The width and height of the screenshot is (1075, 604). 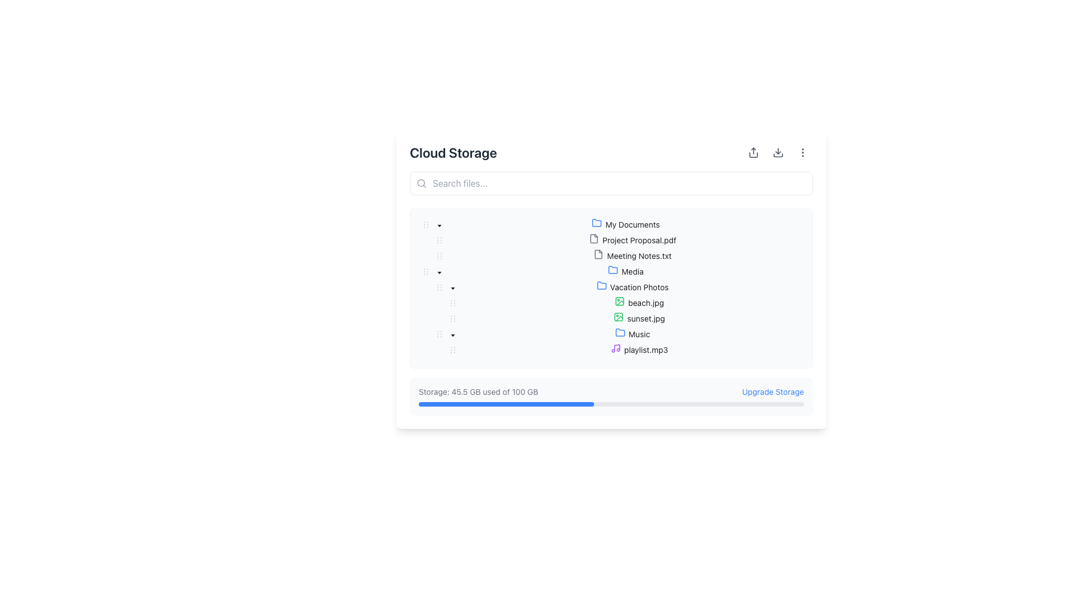 I want to click on the file icon representing 'Meeting Notes.txt', so click(x=600, y=256).